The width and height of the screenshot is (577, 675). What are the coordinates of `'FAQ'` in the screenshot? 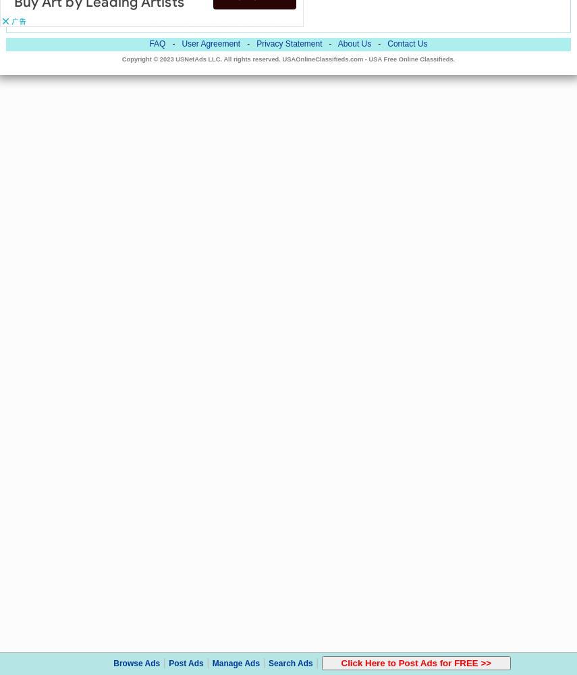 It's located at (156, 43).